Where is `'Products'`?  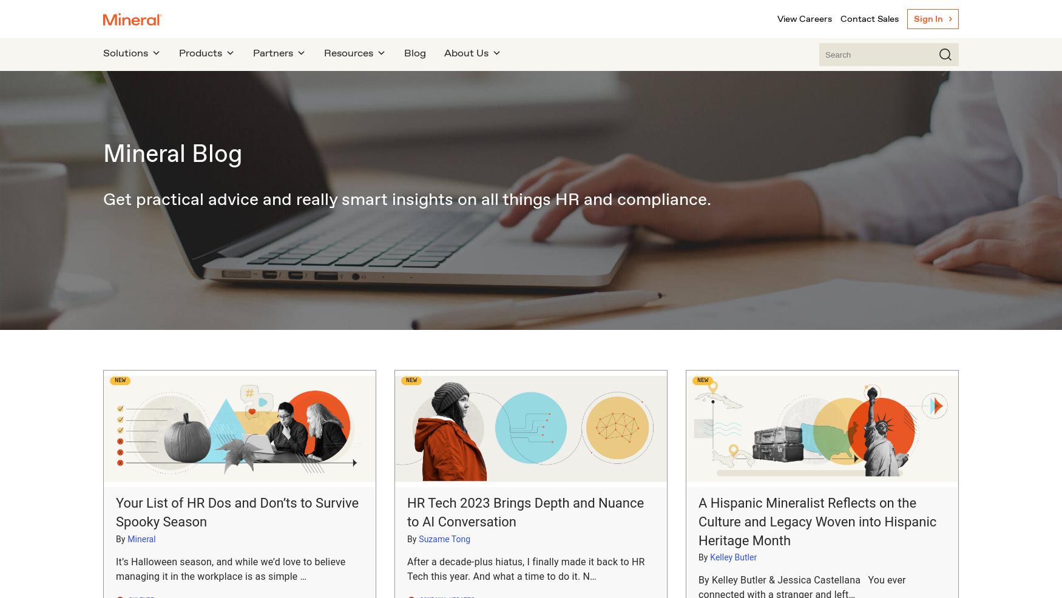
'Products' is located at coordinates (200, 53).